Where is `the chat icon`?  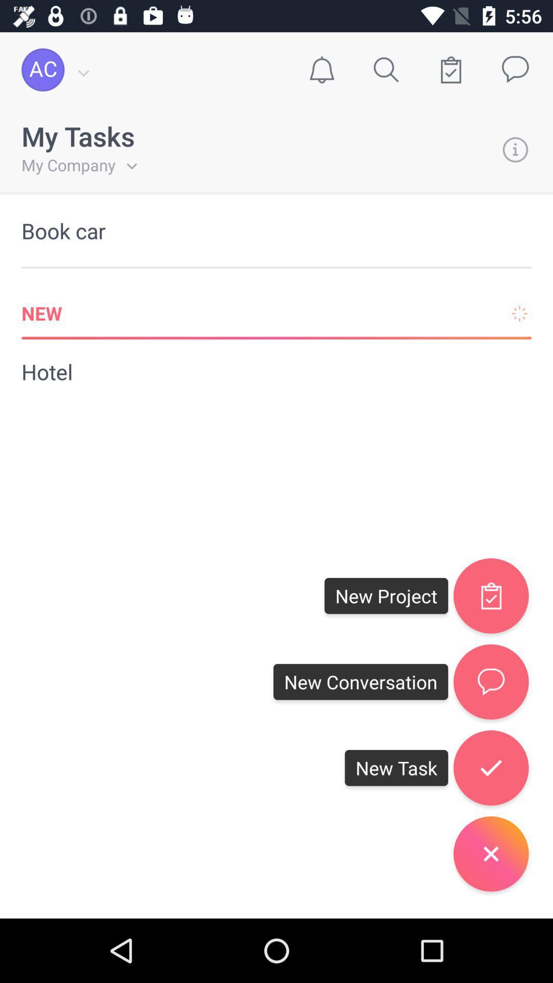
the chat icon is located at coordinates (491, 682).